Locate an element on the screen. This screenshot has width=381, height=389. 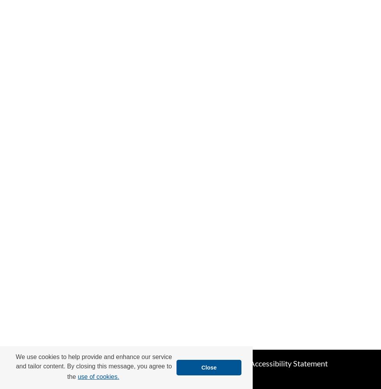
'Accessibility Statement' is located at coordinates (288, 363).